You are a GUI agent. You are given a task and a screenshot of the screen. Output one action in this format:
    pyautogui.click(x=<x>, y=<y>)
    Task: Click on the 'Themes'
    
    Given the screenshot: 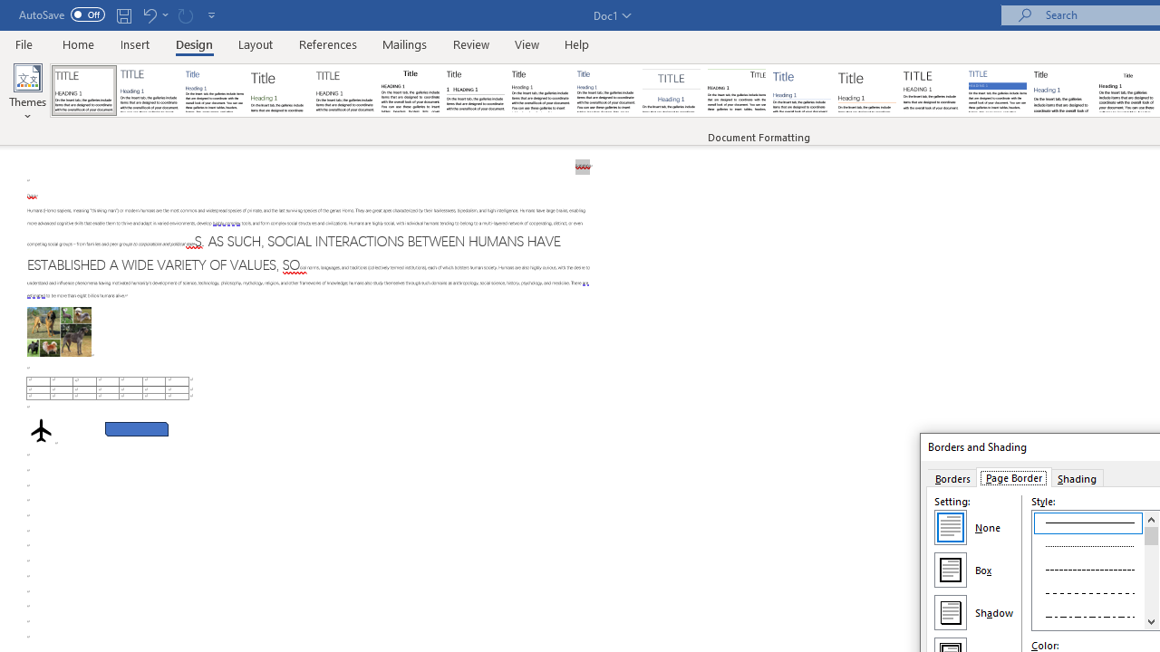 What is the action you would take?
    pyautogui.click(x=27, y=93)
    